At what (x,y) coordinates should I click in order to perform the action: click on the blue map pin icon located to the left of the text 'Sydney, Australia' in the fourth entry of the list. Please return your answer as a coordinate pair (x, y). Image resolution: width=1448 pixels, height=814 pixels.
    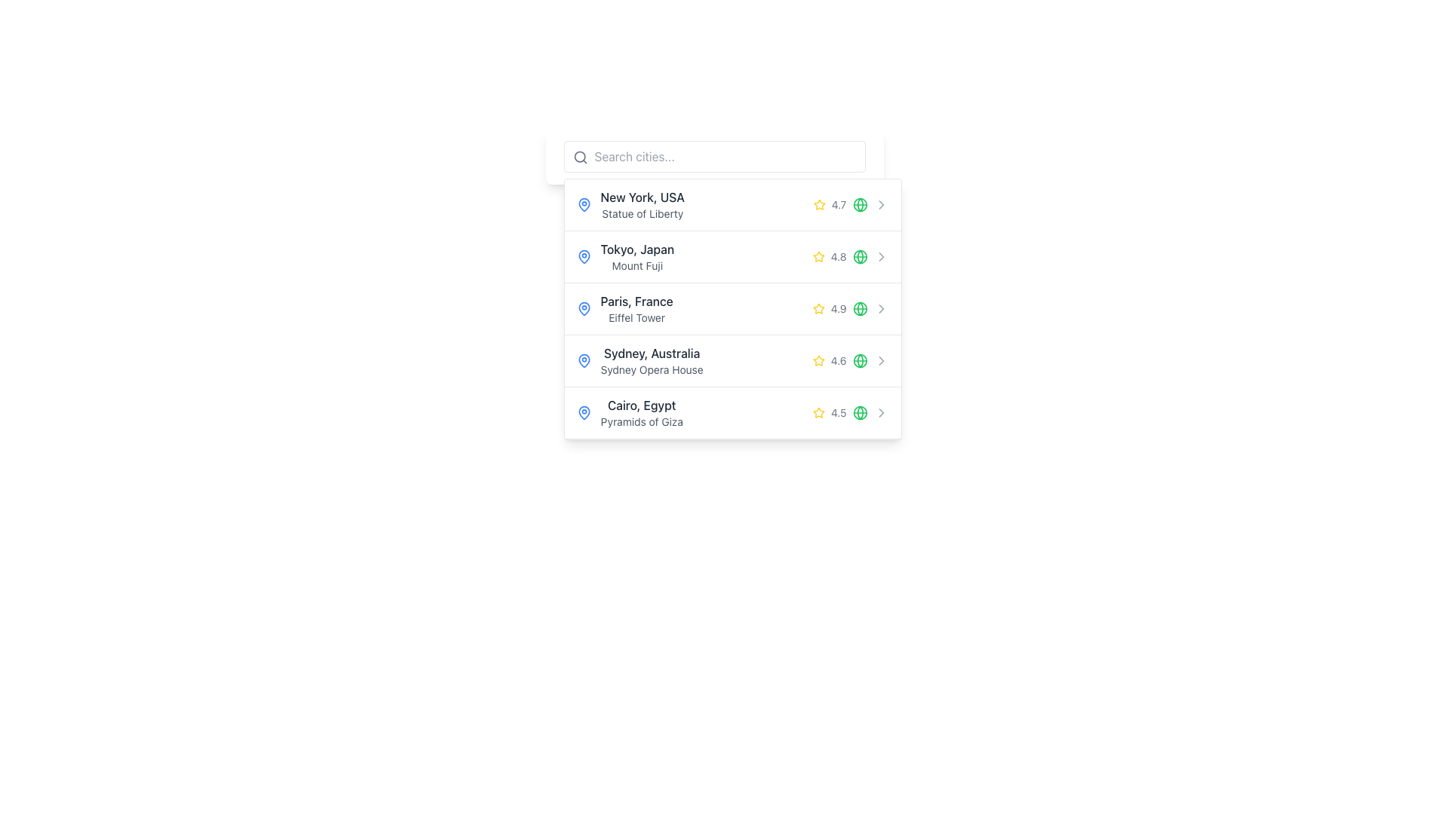
    Looking at the image, I should click on (583, 360).